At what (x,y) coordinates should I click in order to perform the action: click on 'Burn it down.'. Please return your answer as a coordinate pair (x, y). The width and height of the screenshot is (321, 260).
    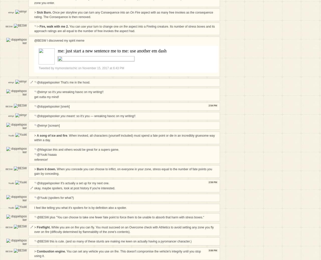
    Looking at the image, I should click on (46, 169).